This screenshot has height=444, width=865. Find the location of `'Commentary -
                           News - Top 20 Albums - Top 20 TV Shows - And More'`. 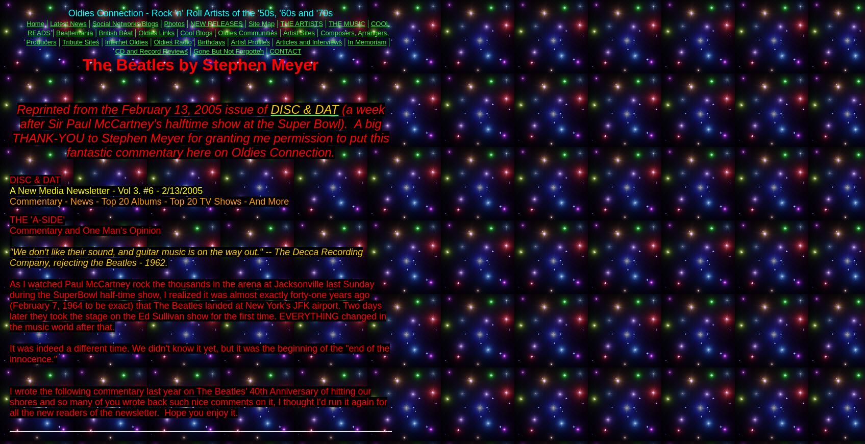

'Commentary -
                           News - Top 20 Albums - Top 20 TV Shows - And More' is located at coordinates (149, 201).